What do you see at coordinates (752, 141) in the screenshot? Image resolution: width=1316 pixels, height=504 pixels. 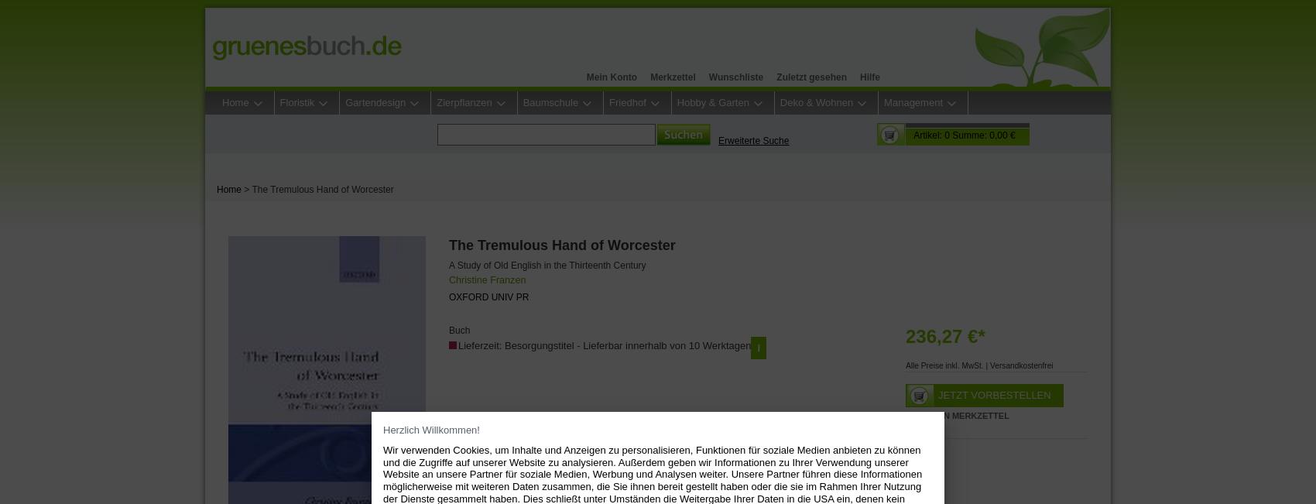 I see `'Erweiterte Suche'` at bounding box center [752, 141].